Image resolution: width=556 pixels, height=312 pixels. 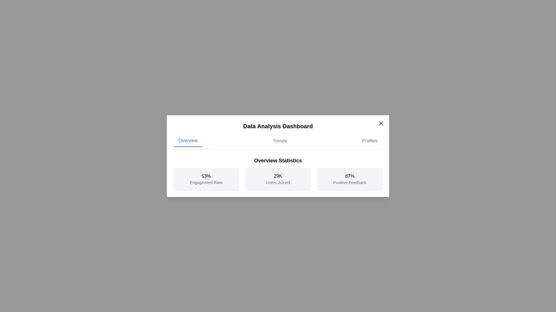 What do you see at coordinates (206, 179) in the screenshot?
I see `the Informational Card displaying the engagement rate metric ('53%') located in the Overview Statistics section, which is the first card in a row of three` at bounding box center [206, 179].